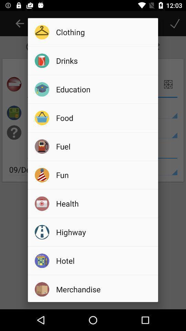  What do you see at coordinates (104, 146) in the screenshot?
I see `the item above the fun item` at bounding box center [104, 146].